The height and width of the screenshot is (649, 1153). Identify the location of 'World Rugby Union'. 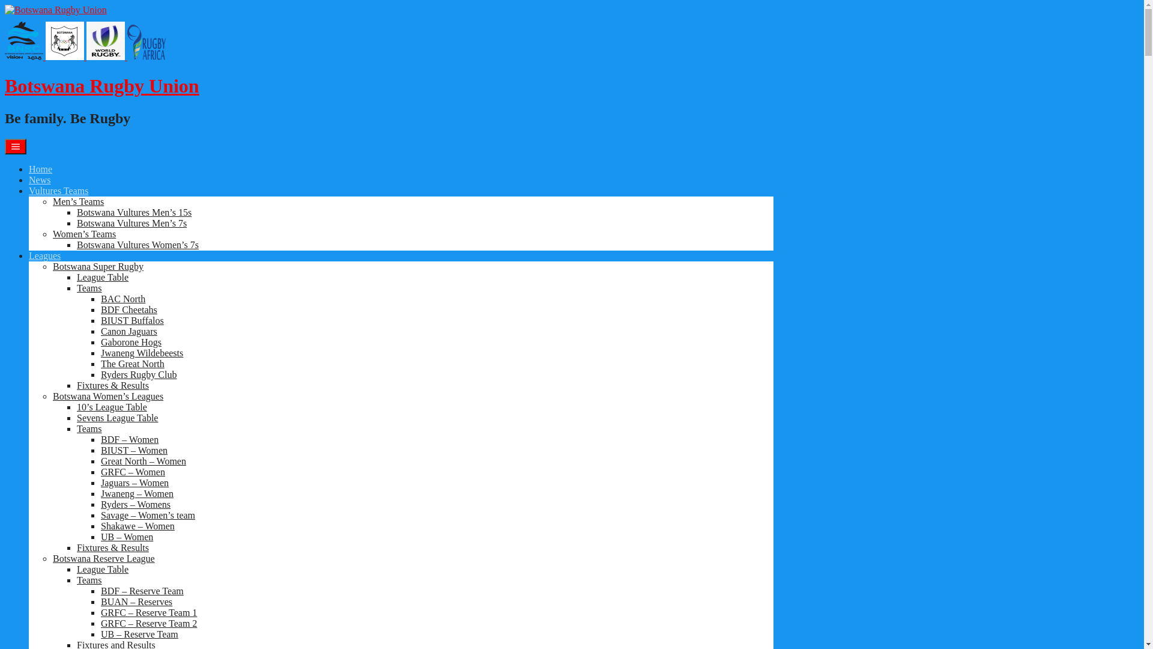
(86, 40).